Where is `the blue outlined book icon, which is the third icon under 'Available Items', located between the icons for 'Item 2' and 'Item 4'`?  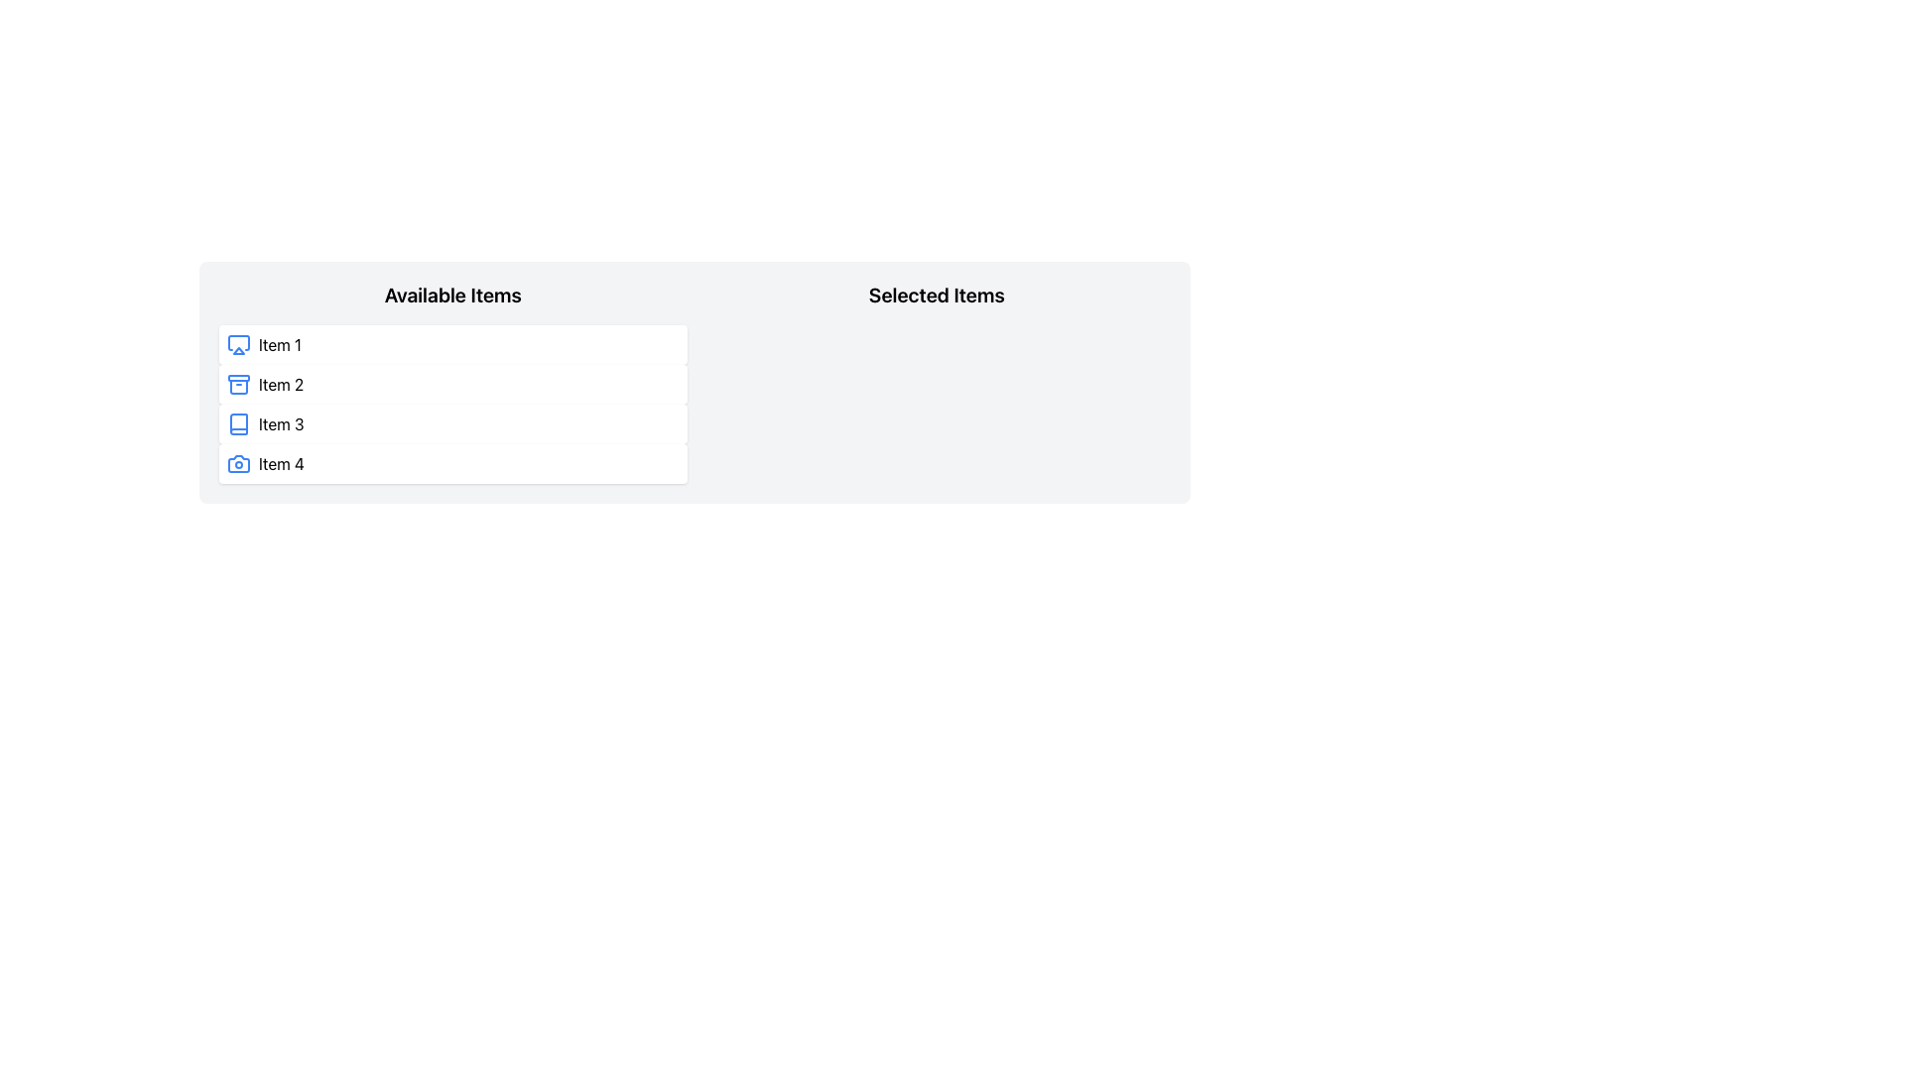
the blue outlined book icon, which is the third icon under 'Available Items', located between the icons for 'Item 2' and 'Item 4' is located at coordinates (238, 423).